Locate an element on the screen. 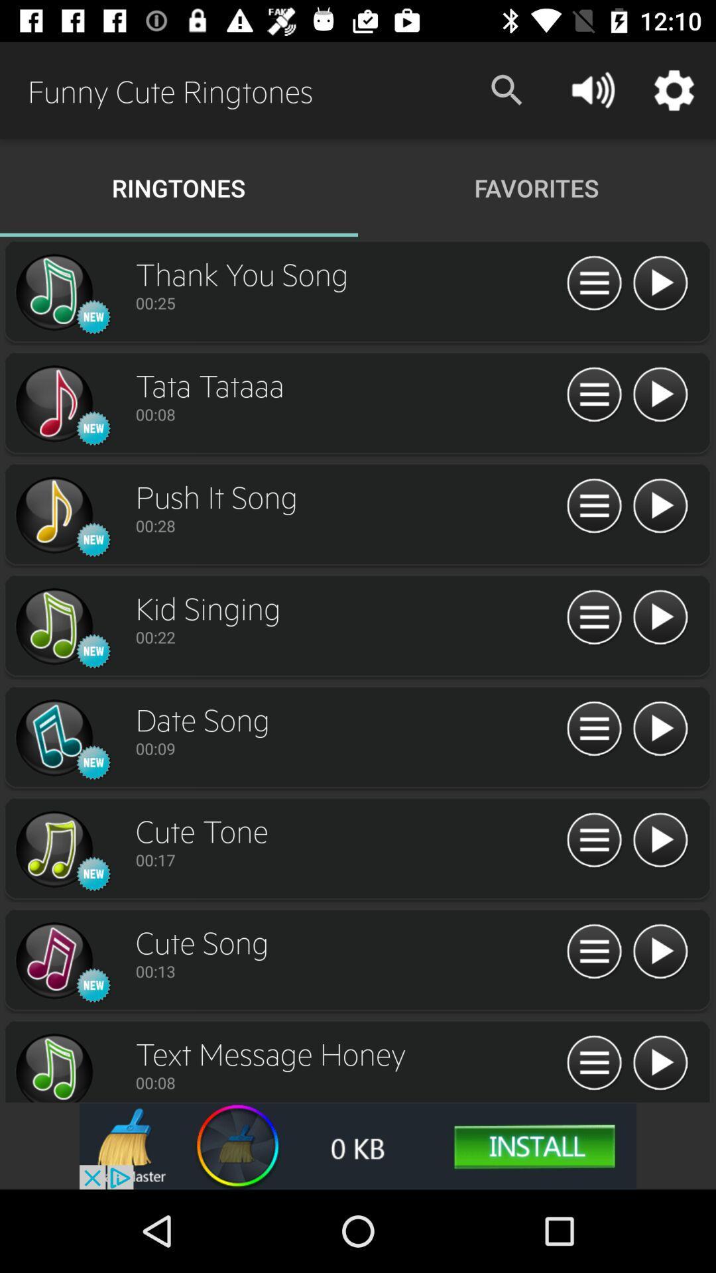 The height and width of the screenshot is (1273, 716). advertisement is located at coordinates (358, 1145).